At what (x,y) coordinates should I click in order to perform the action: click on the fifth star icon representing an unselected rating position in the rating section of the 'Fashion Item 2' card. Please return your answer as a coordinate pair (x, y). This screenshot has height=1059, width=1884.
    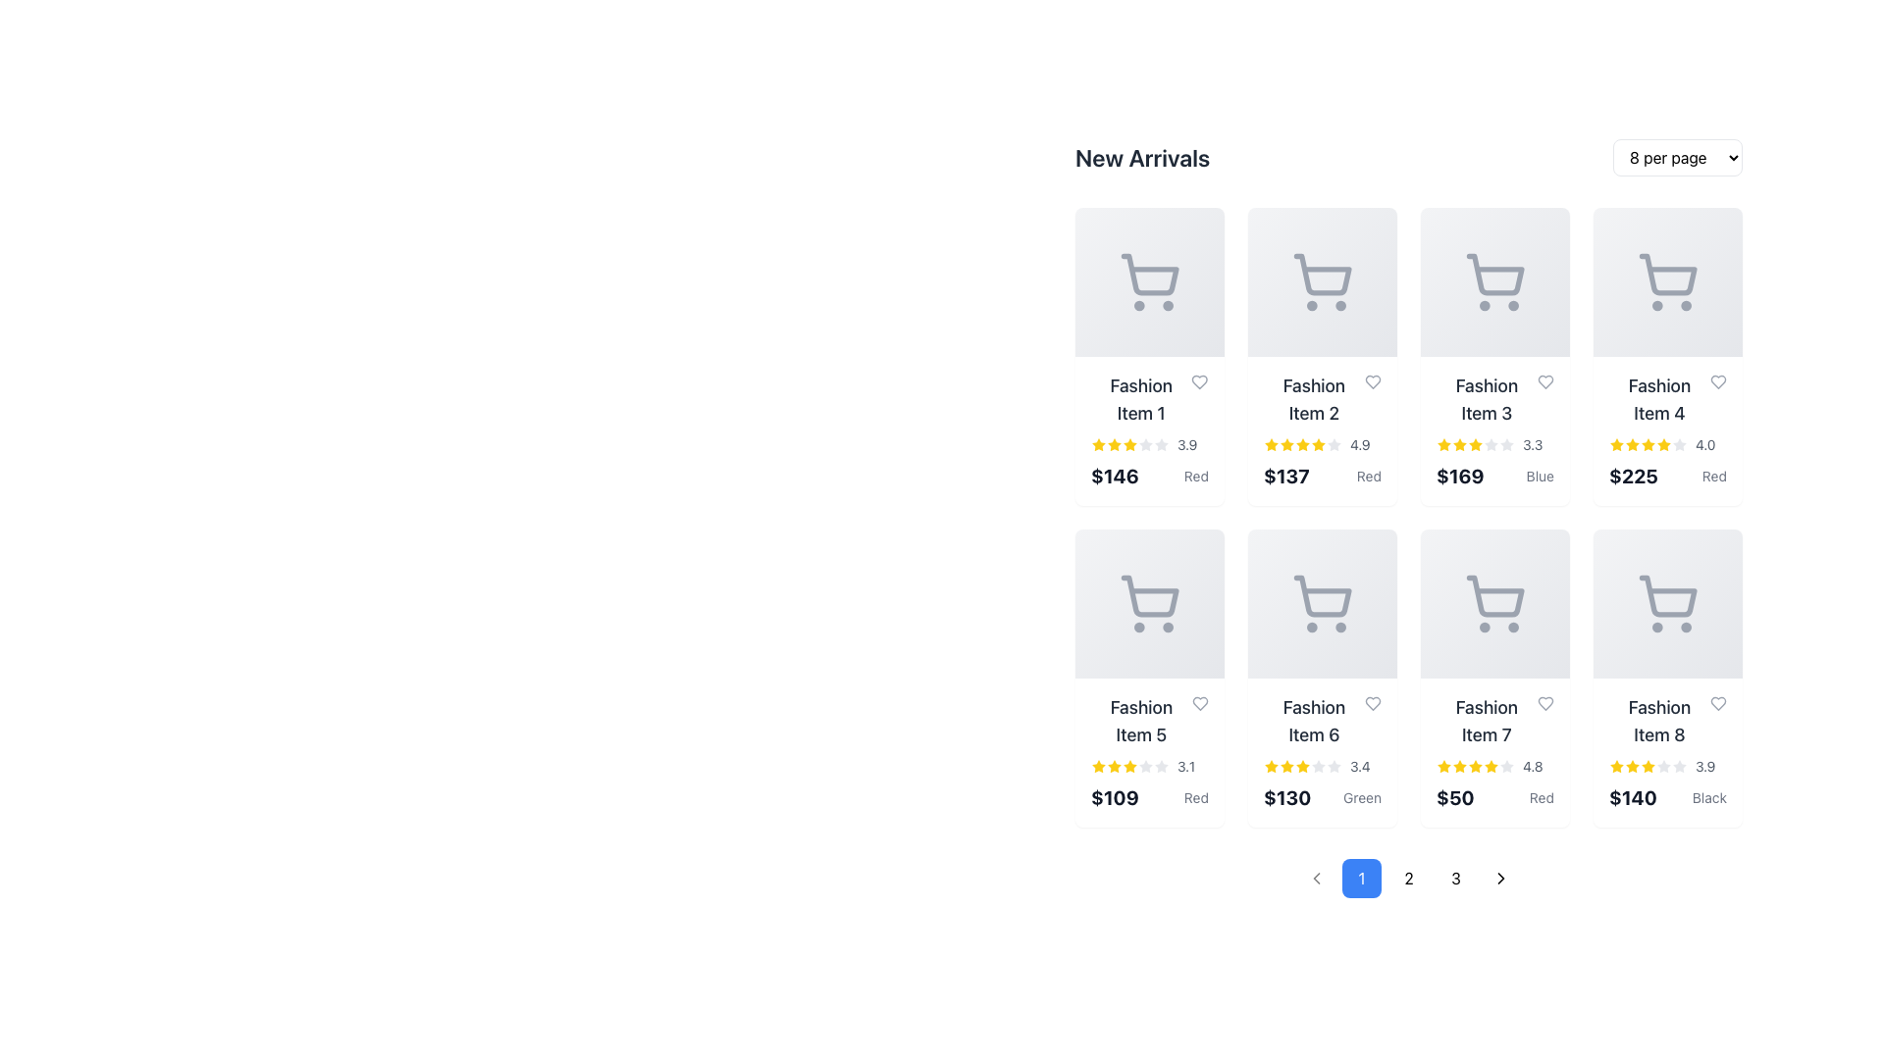
    Looking at the image, I should click on (1334, 445).